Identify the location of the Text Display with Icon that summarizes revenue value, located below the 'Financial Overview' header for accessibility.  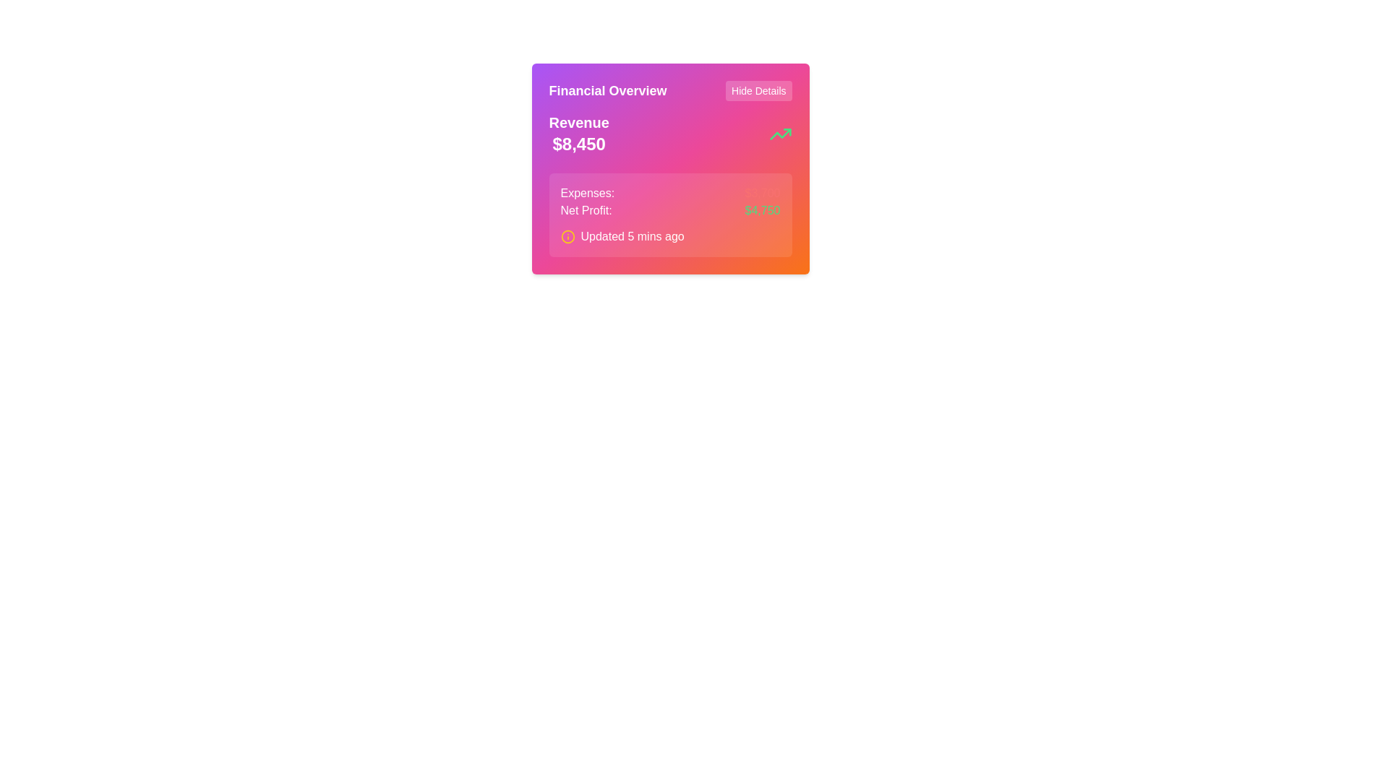
(669, 134).